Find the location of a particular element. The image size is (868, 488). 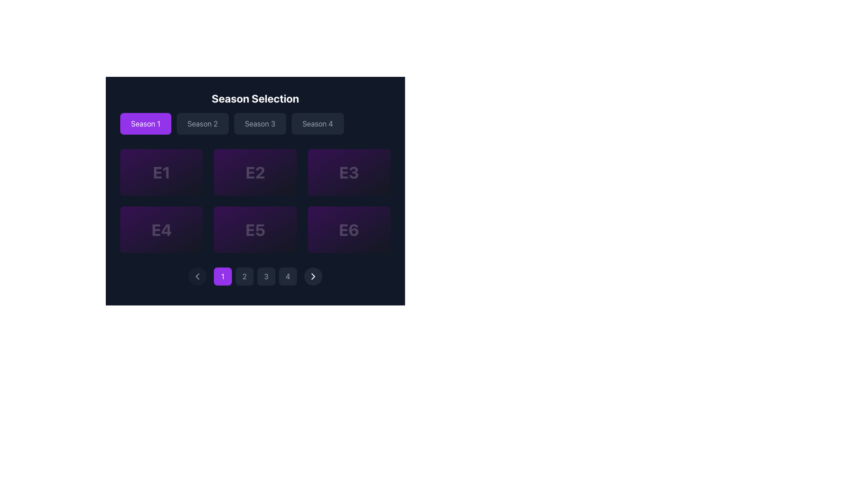

the icon located in cell 'E5' of the interactive grid, which serves as a visual indicator for marking or emphasizing a feature is located at coordinates (225, 206).